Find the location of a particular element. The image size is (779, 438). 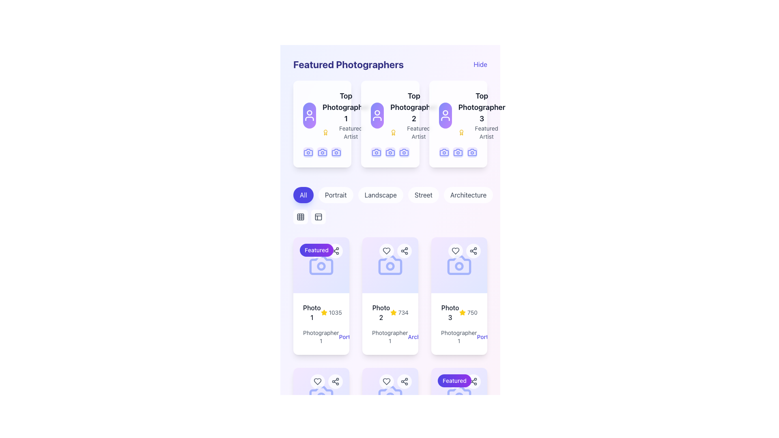

the award medallion icon located to the left of the 'Featured Artist' text in the 'Top Photographer 2' card within the 'Featured Photographers' section is located at coordinates (393, 132).